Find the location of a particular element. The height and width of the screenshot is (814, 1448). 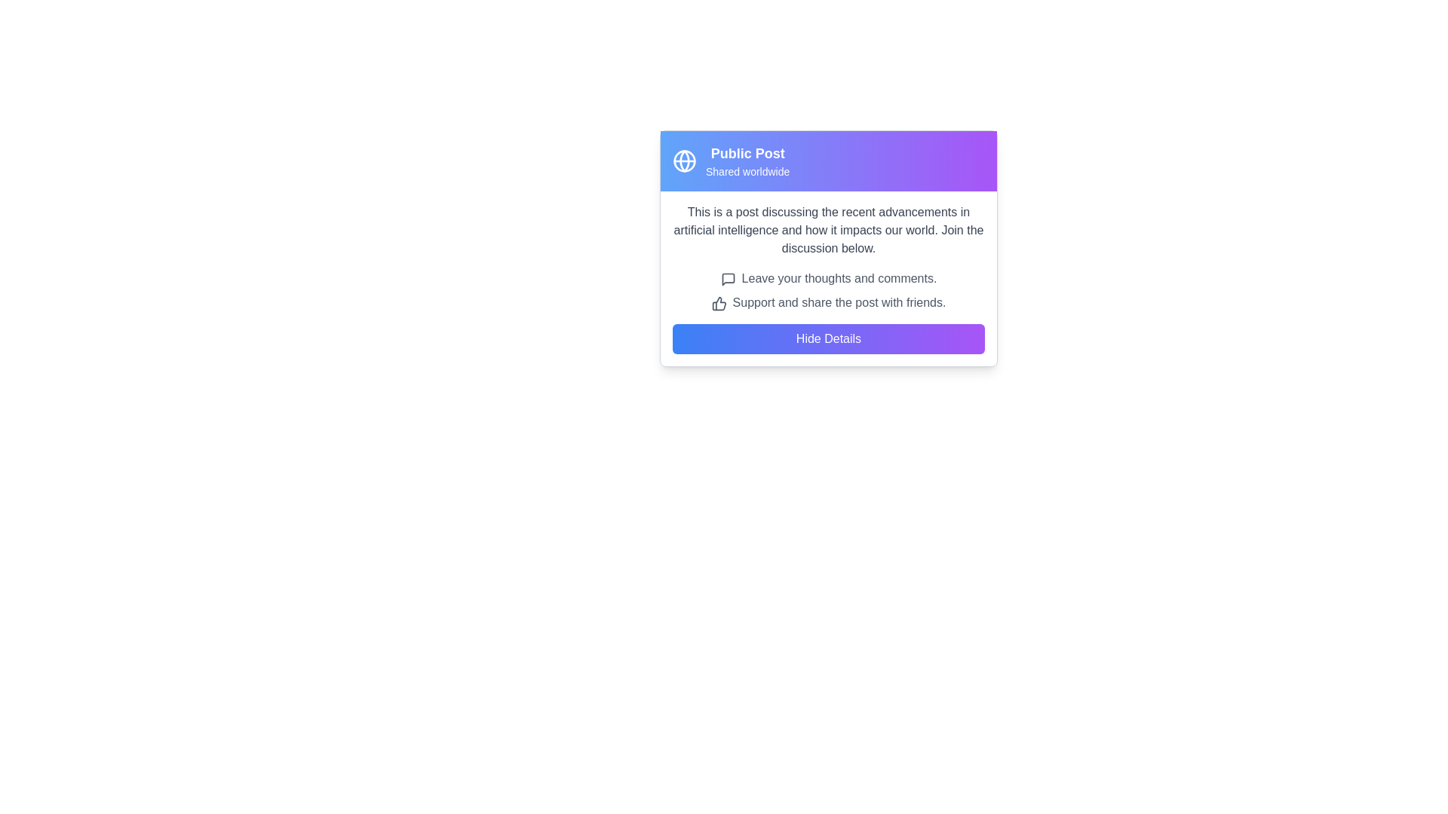

text in the Text Area that displays 'Public Post' and 'Shared worldwide' against a gradient background is located at coordinates (747, 161).